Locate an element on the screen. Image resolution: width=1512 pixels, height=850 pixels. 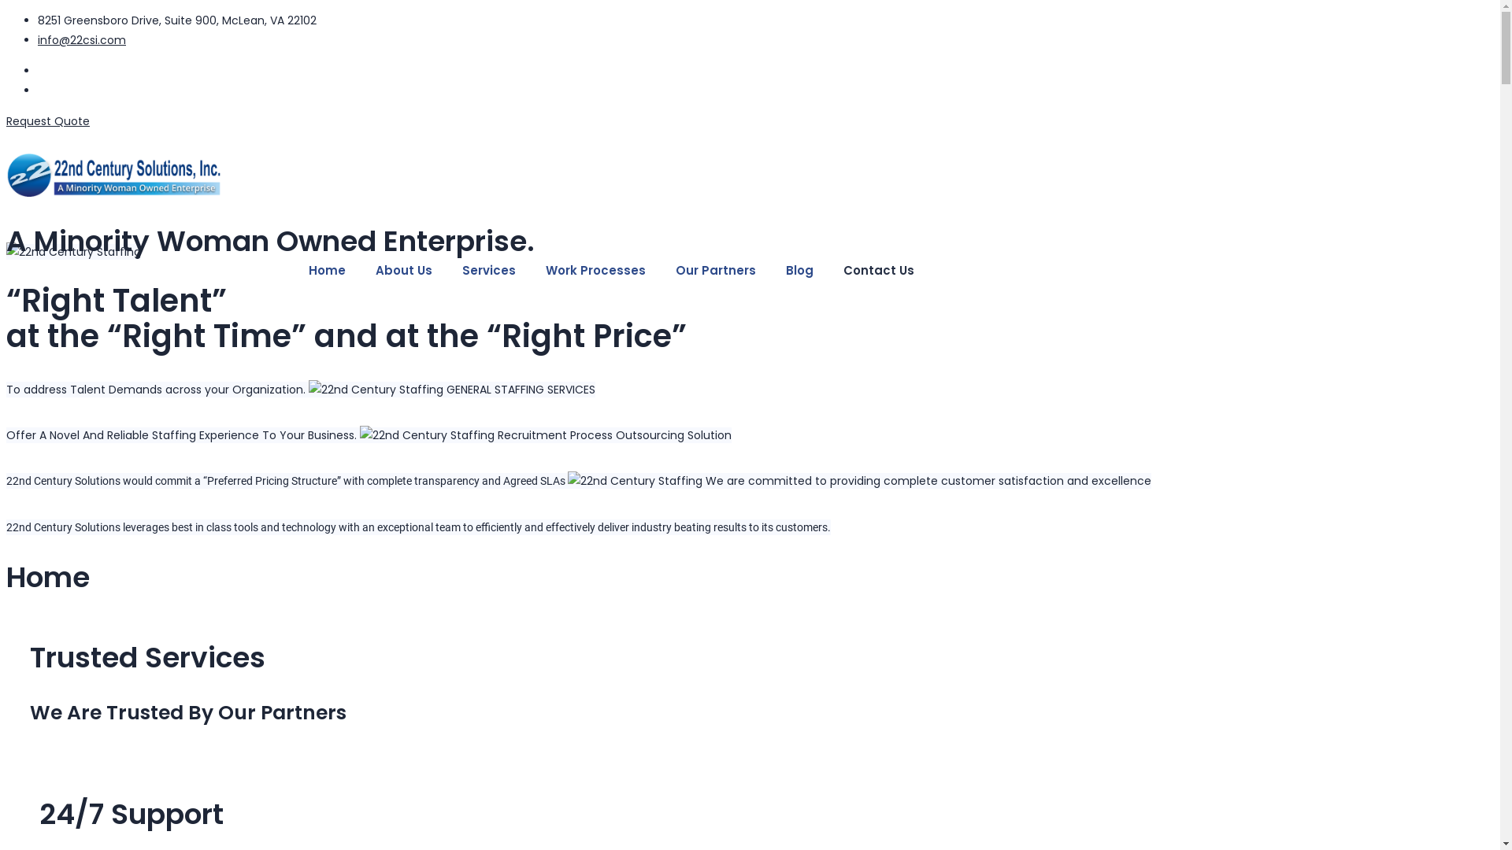
'22nd Century Staffing' is located at coordinates (375, 390).